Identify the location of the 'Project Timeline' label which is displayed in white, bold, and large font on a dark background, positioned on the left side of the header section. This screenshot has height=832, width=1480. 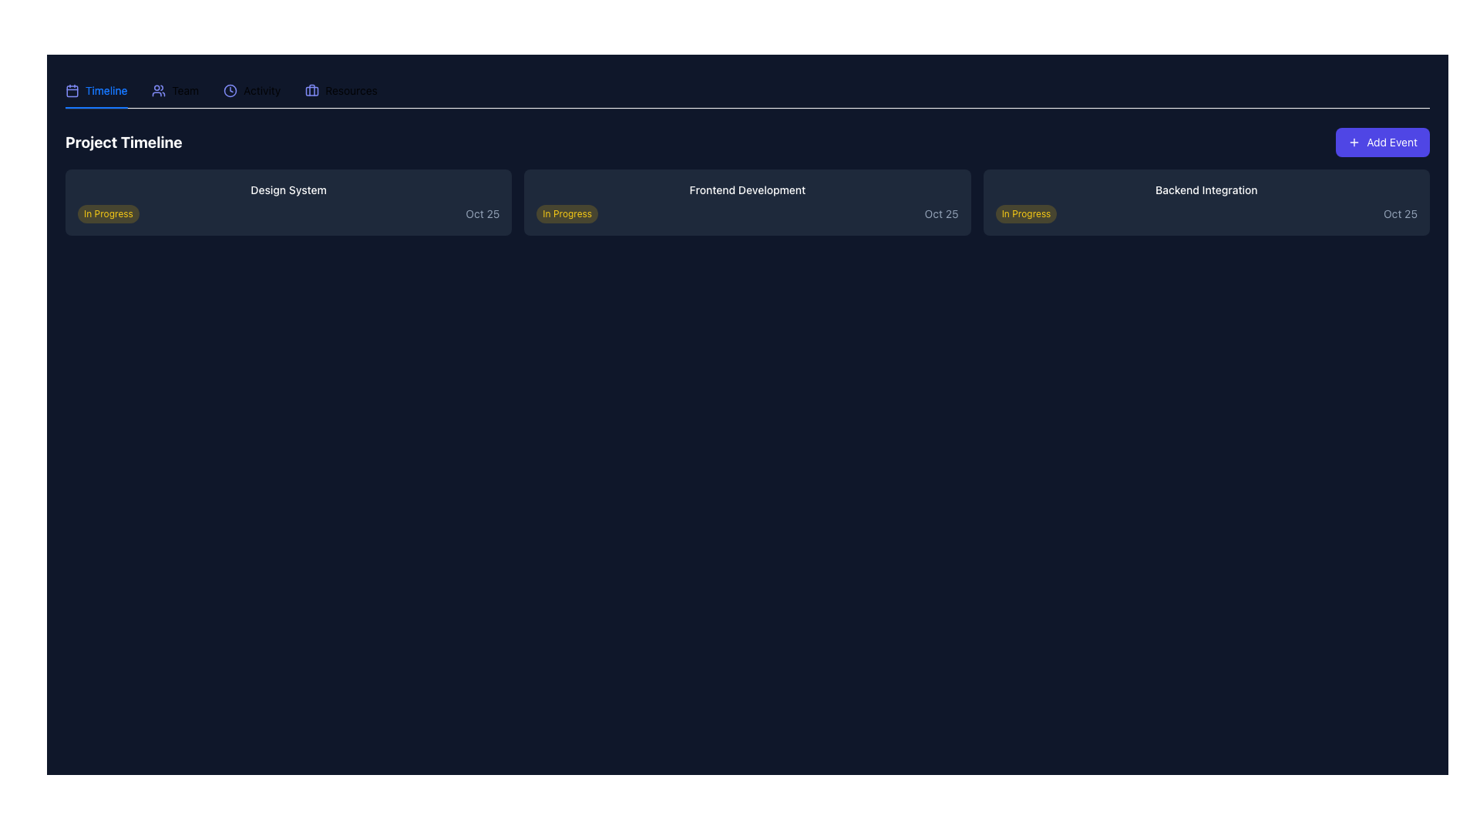
(123, 143).